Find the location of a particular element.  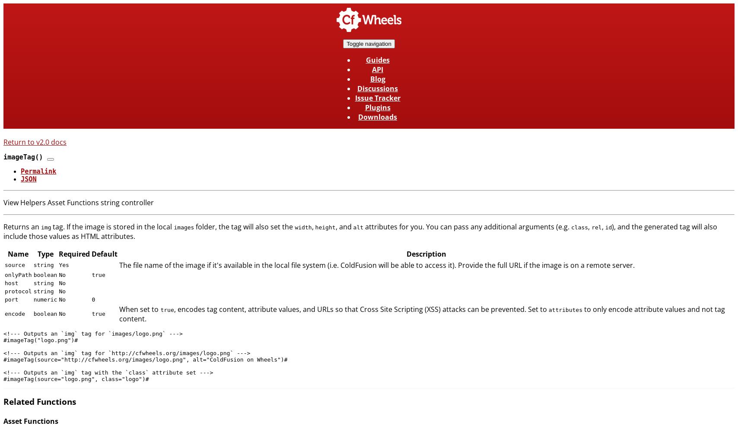

'controller' is located at coordinates (137, 202).